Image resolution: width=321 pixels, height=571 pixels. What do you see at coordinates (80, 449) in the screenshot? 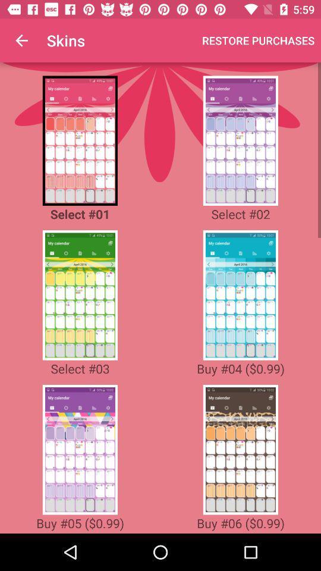
I see `skin select` at bounding box center [80, 449].